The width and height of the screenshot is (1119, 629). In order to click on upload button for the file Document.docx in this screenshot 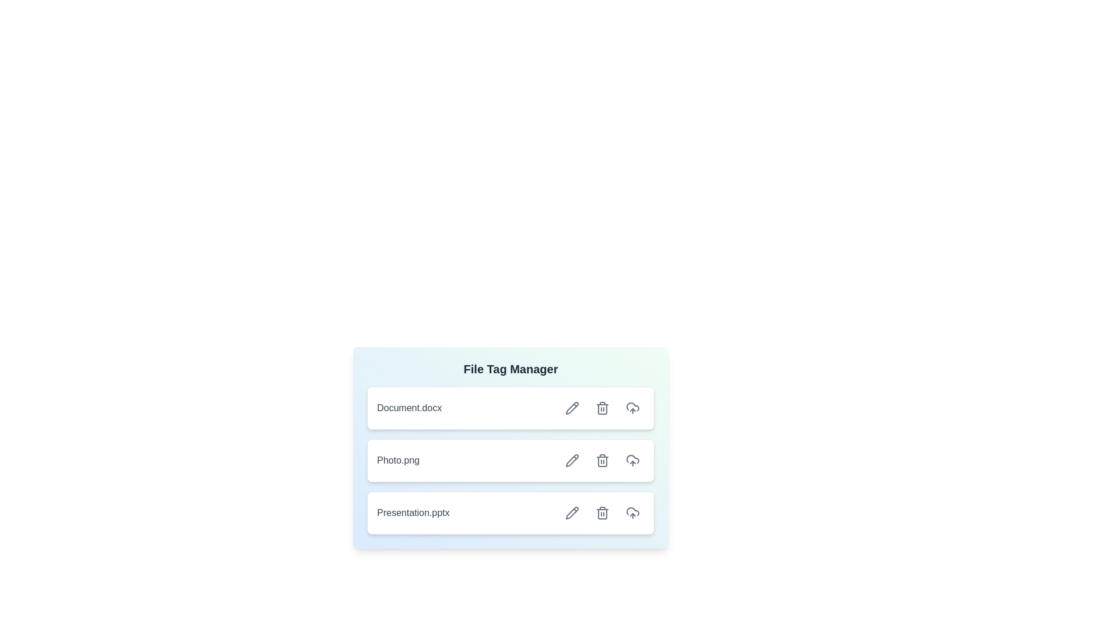, I will do `click(632, 408)`.